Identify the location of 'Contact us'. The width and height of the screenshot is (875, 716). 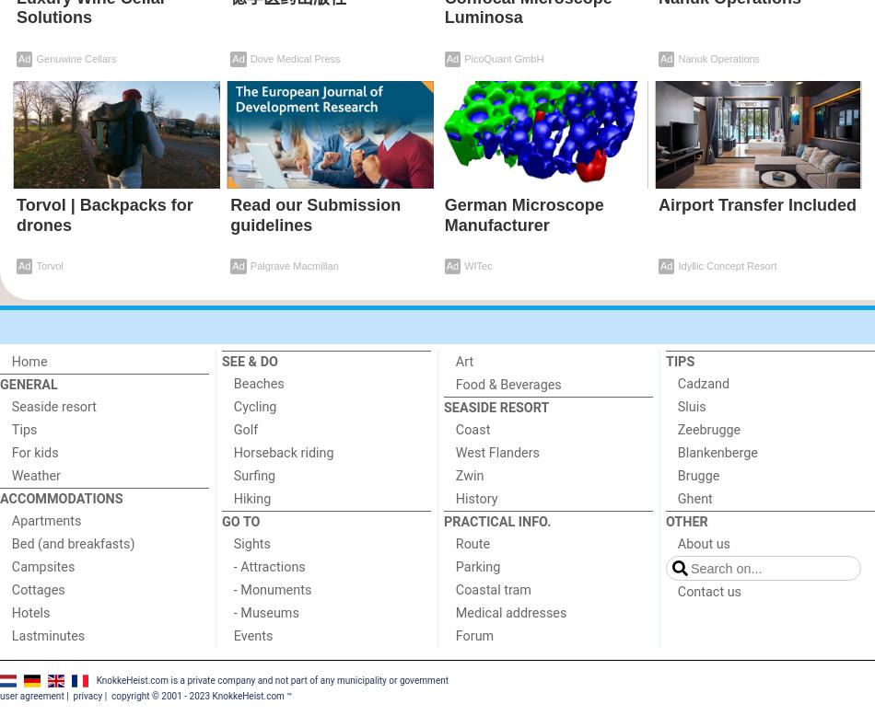
(707, 590).